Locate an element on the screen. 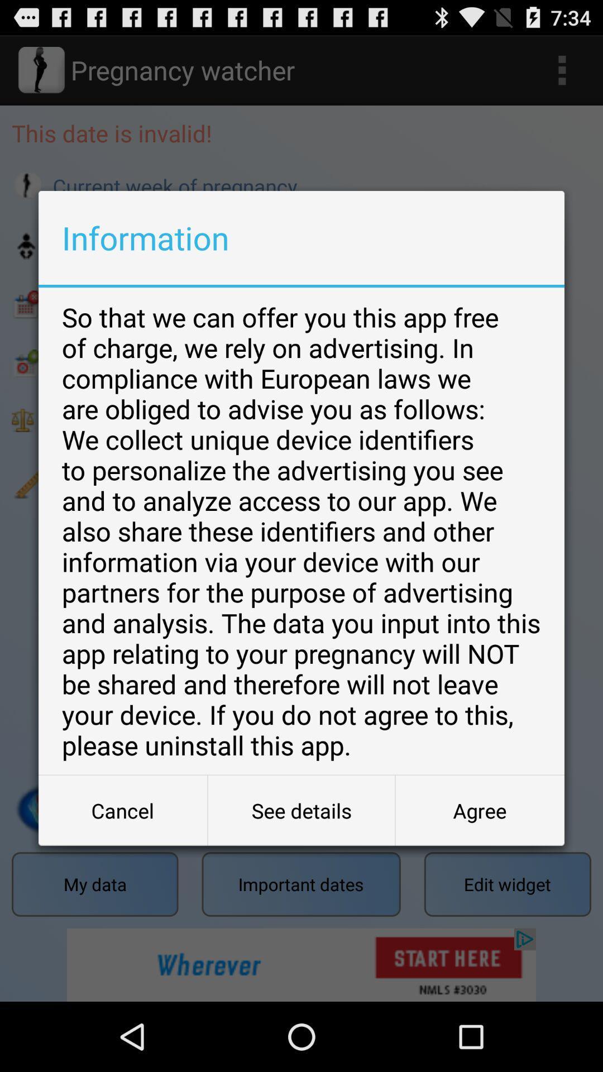 The image size is (603, 1072). the icon at the bottom is located at coordinates (301, 810).